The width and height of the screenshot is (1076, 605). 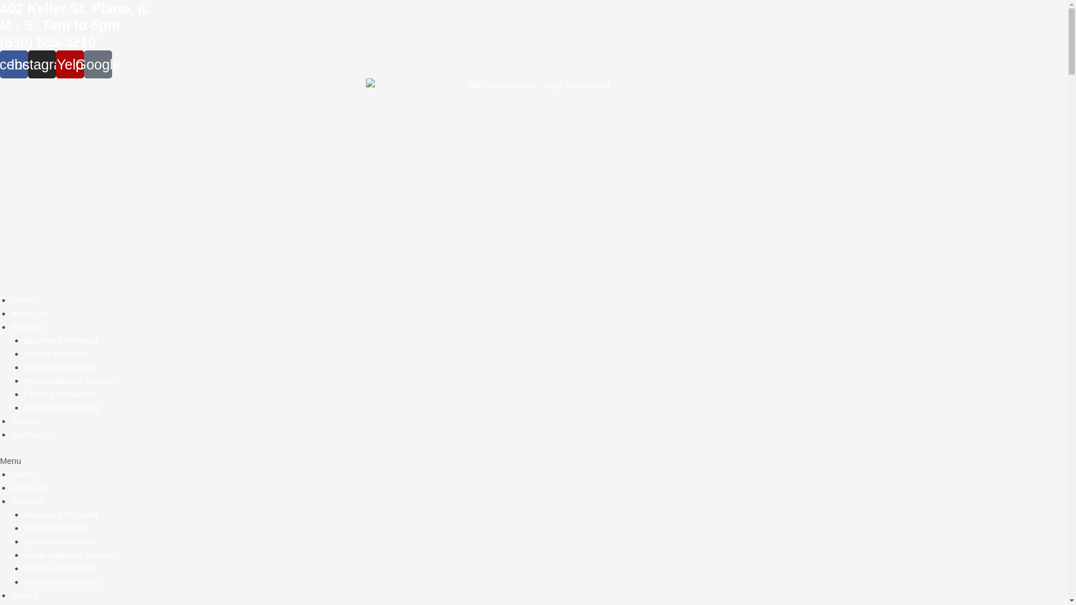 What do you see at coordinates (13, 64) in the screenshot?
I see `'Facebook'` at bounding box center [13, 64].